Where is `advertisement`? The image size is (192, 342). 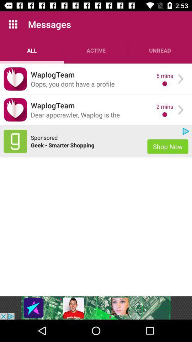 advertisement is located at coordinates (15, 141).